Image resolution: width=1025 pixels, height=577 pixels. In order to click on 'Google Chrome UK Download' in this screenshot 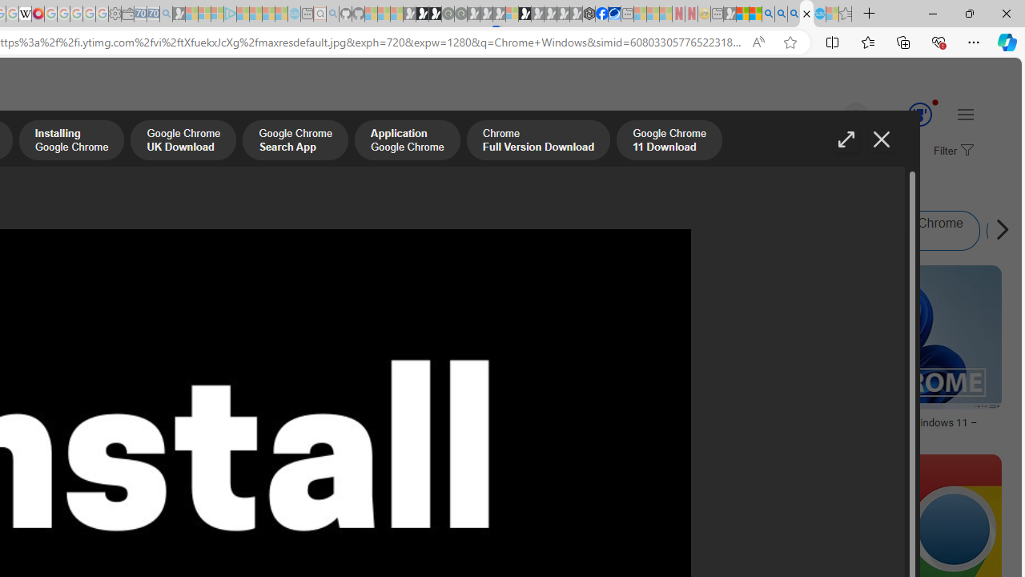, I will do `click(183, 141)`.